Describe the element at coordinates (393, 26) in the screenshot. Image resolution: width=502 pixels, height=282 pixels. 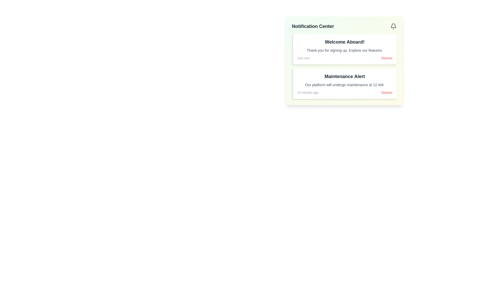
I see `the outlined gray bell icon representing notifications, located at the top-right corner of the 'Notification Center' panel` at that location.